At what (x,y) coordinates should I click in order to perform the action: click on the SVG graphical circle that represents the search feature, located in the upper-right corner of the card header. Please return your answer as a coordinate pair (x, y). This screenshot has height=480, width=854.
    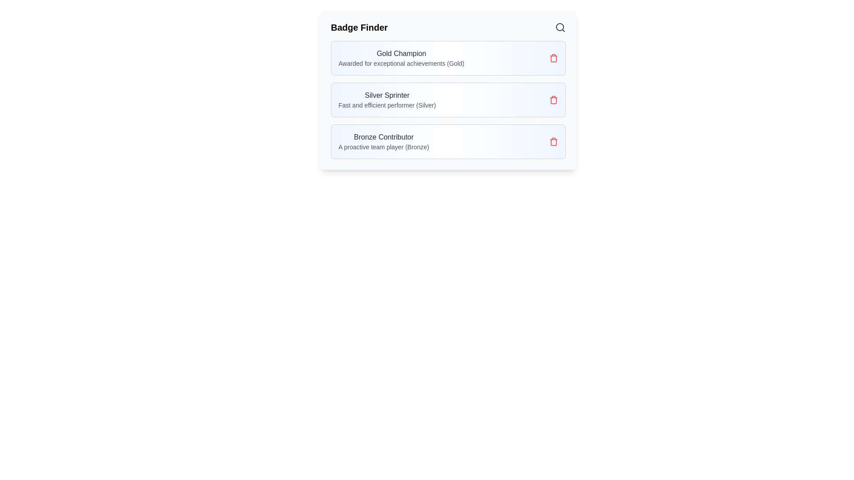
    Looking at the image, I should click on (559, 27).